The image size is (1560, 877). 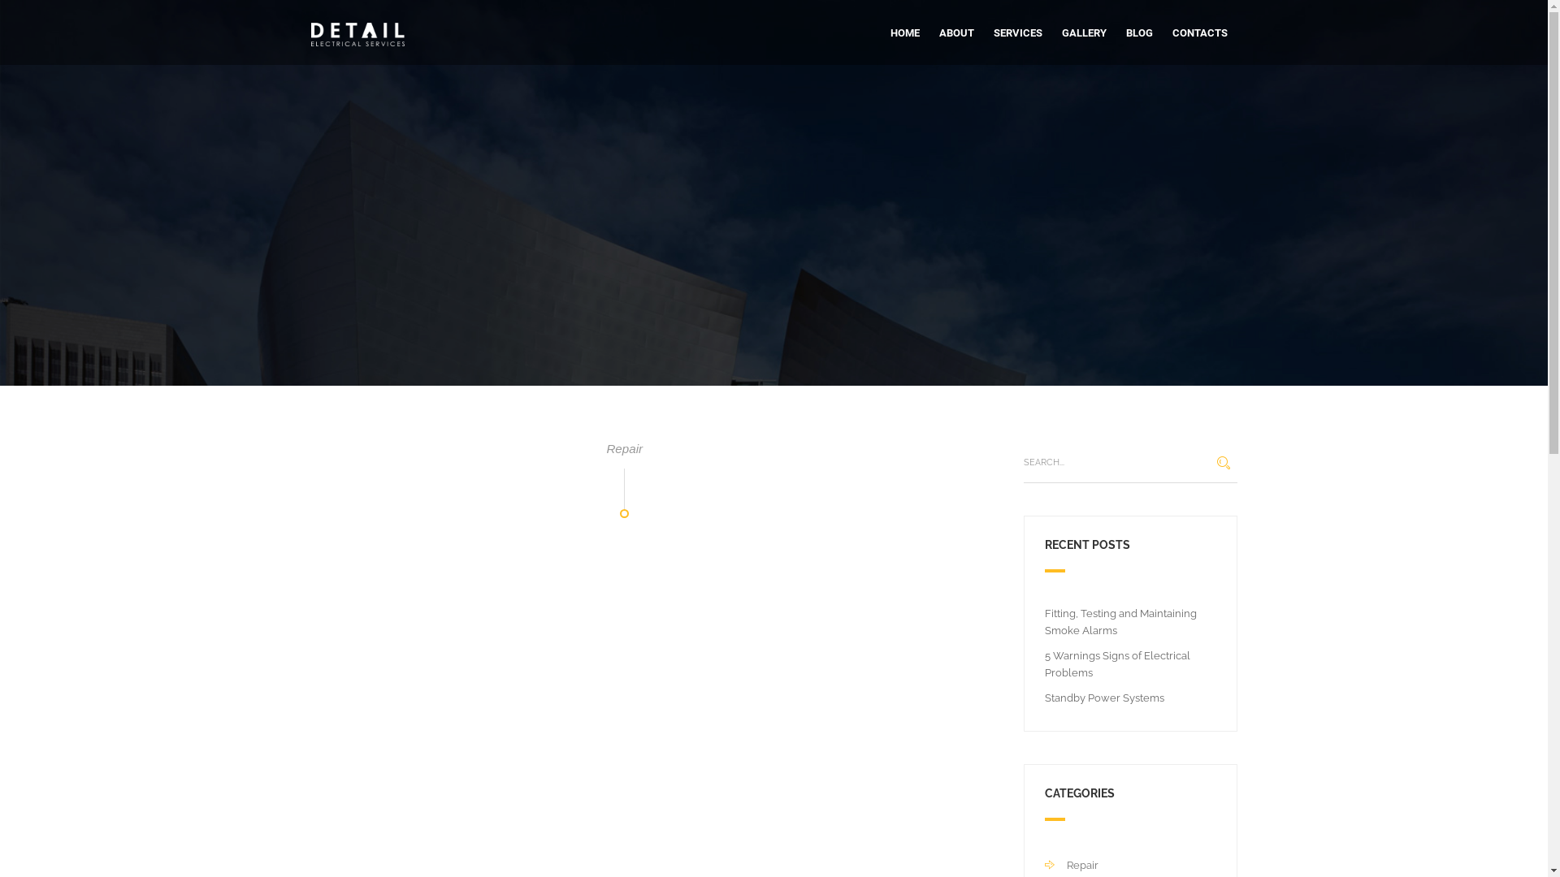 What do you see at coordinates (1072, 864) in the screenshot?
I see `'Repair'` at bounding box center [1072, 864].